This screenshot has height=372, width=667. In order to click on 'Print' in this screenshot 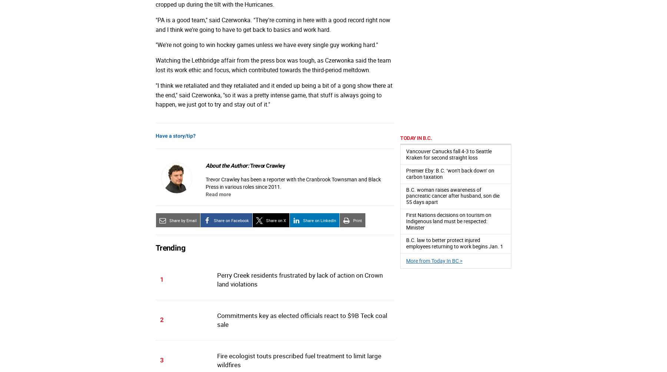, I will do `click(352, 219)`.